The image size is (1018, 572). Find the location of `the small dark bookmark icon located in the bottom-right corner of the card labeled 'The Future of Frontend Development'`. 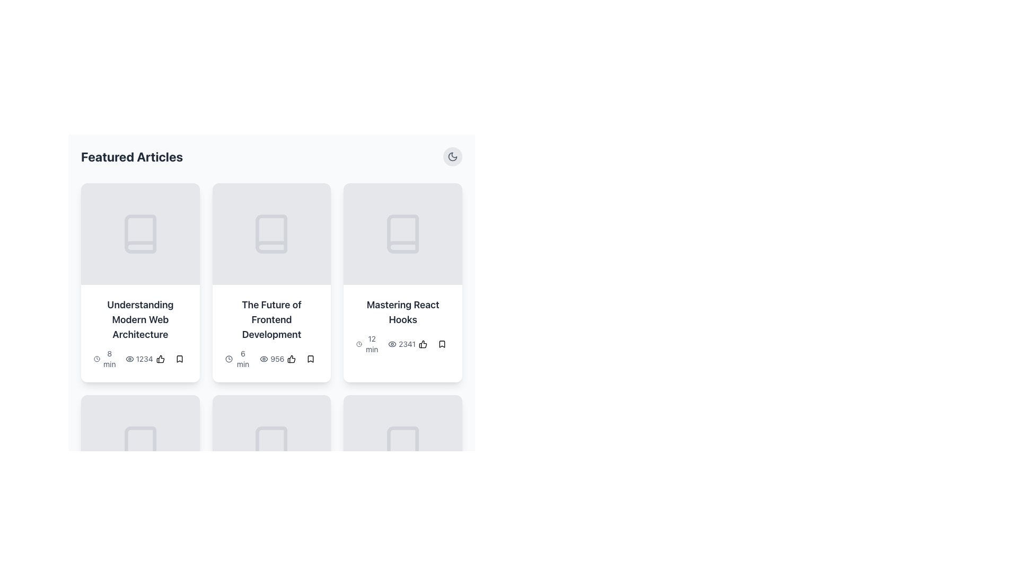

the small dark bookmark icon located in the bottom-right corner of the card labeled 'The Future of Frontend Development' is located at coordinates (310, 359).